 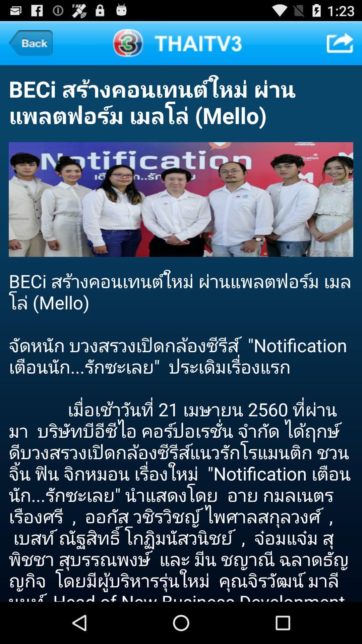 What do you see at coordinates (31, 43) in the screenshot?
I see `item at the top left corner` at bounding box center [31, 43].